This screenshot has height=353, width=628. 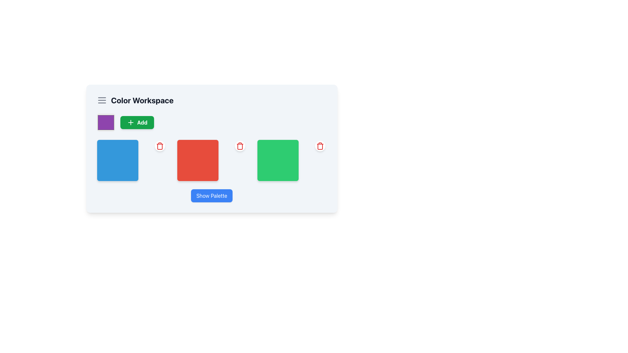 I want to click on the third Color Display Card in the horizontal list, so click(x=278, y=160).